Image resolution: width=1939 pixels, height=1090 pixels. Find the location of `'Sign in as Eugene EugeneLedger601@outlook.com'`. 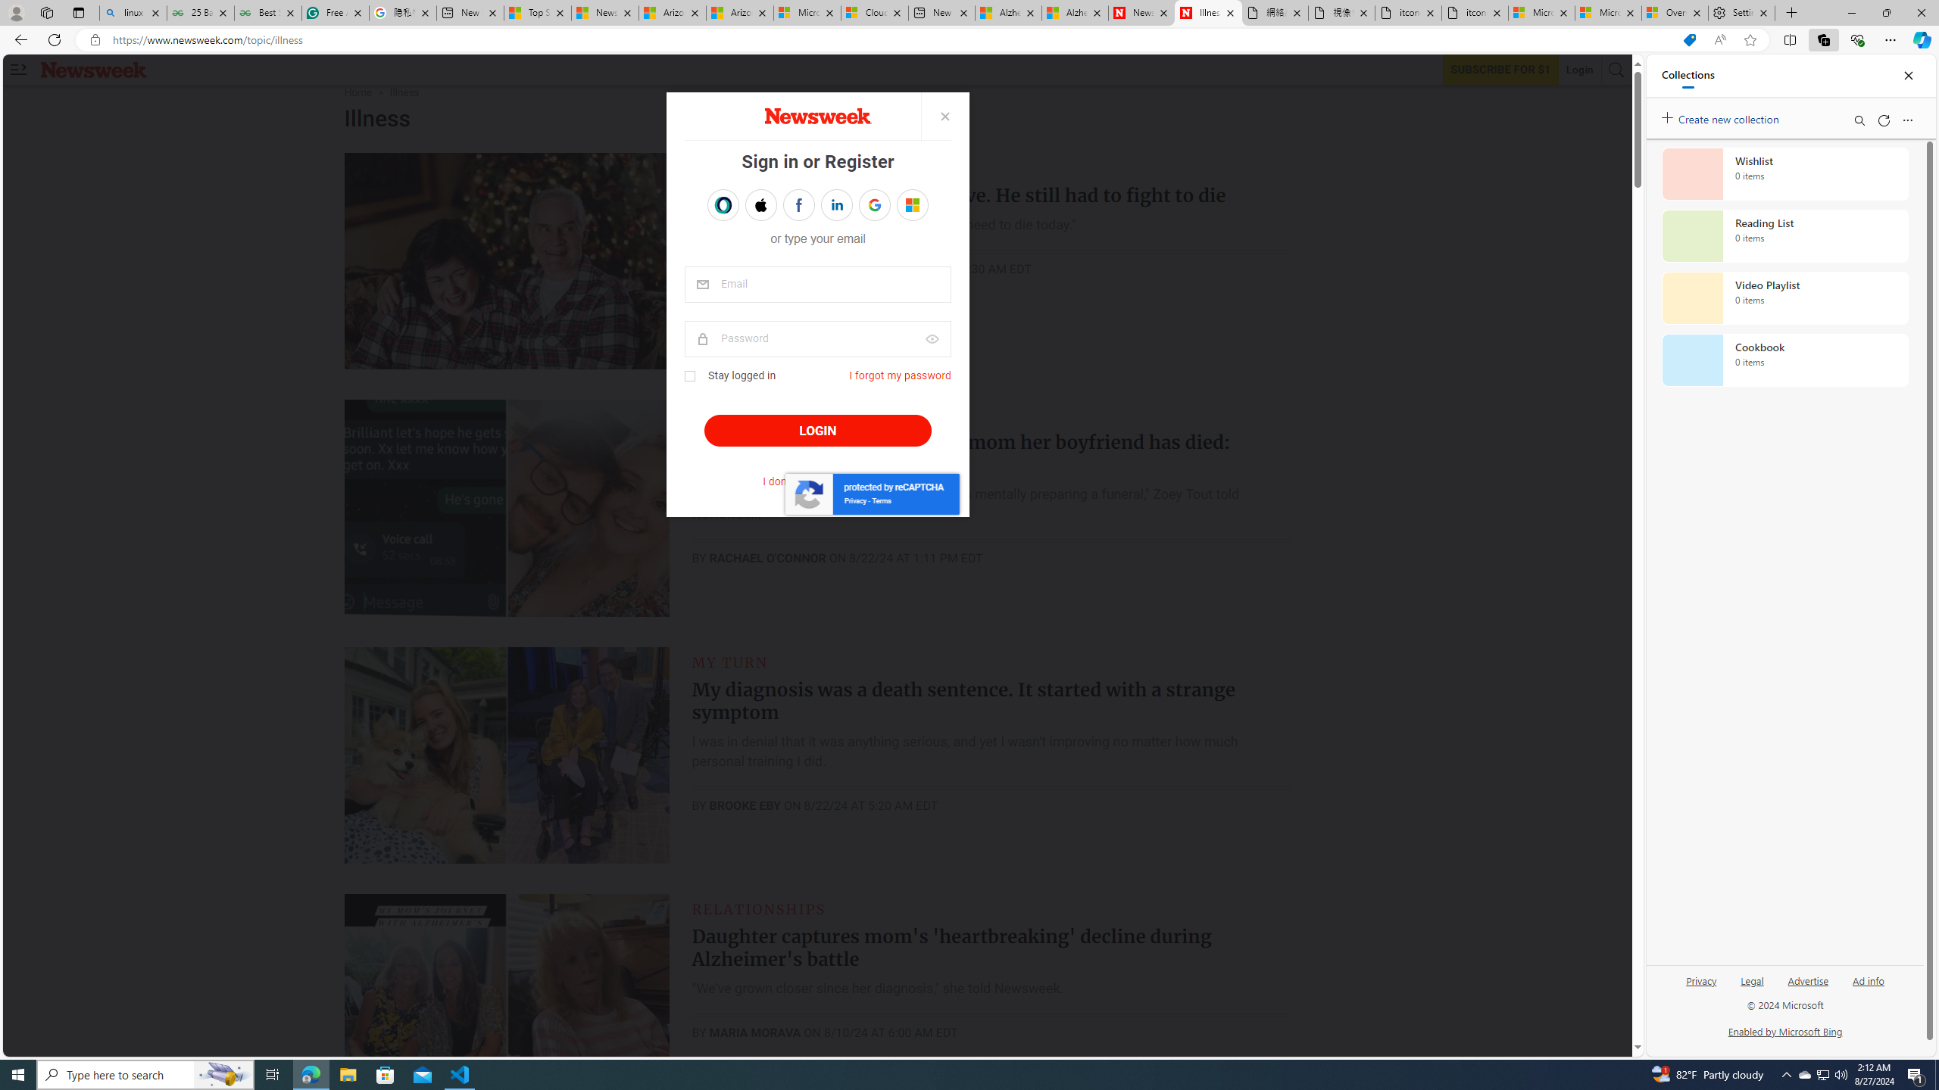

'Sign in as Eugene EugeneLedger601@outlook.com' is located at coordinates (911, 205).